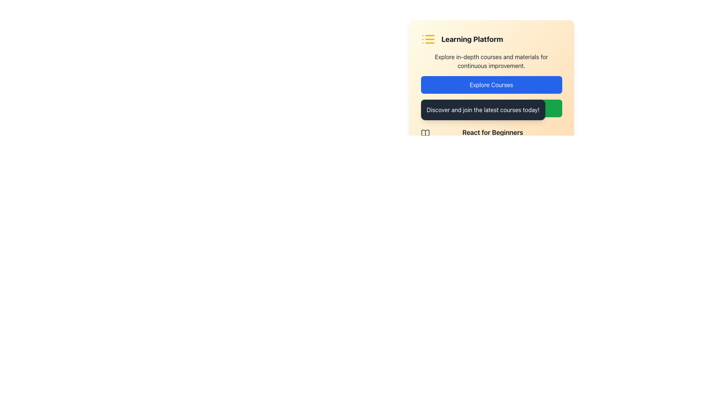 The height and width of the screenshot is (397, 706). I want to click on the informational tooltip located beneath the 'Explore Courses' button to trigger changes related to course enrollment options, so click(491, 116).